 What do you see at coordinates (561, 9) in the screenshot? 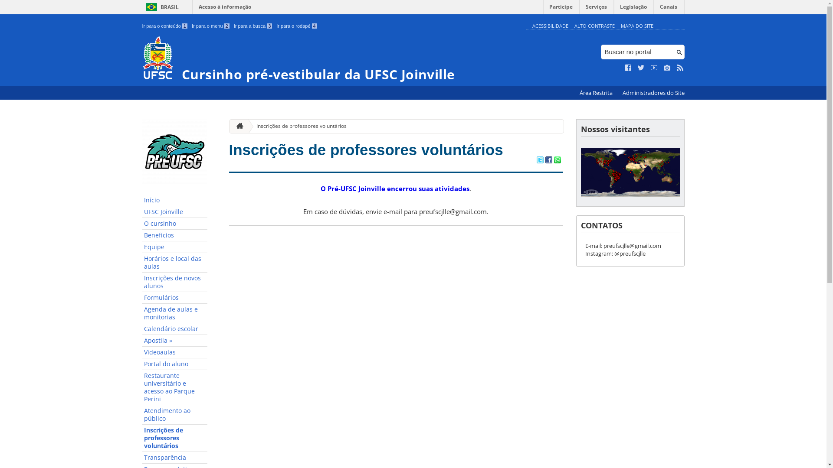
I see `'Participe'` at bounding box center [561, 9].